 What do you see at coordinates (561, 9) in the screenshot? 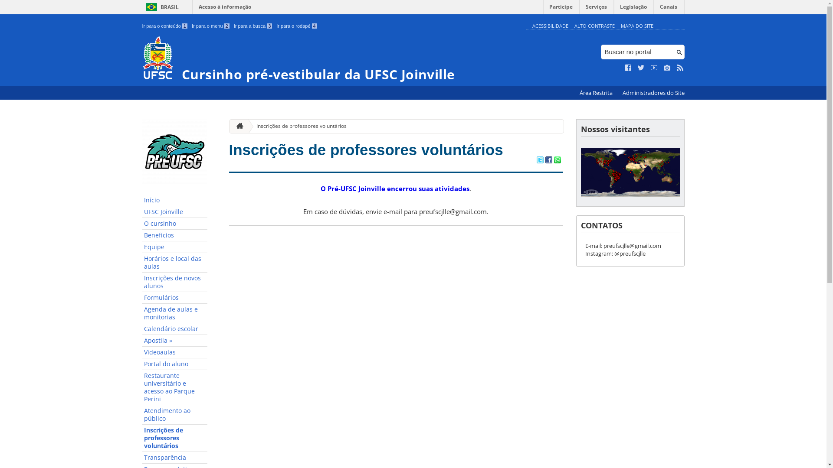
I see `'Participe'` at bounding box center [561, 9].